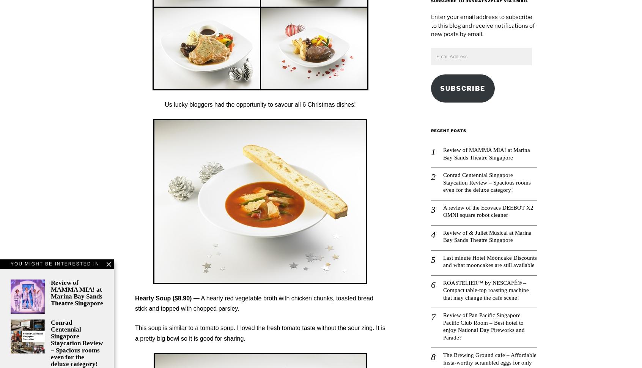 Image resolution: width=642 pixels, height=368 pixels. Describe the element at coordinates (10, 263) in the screenshot. I see `'You might be interested in'` at that location.